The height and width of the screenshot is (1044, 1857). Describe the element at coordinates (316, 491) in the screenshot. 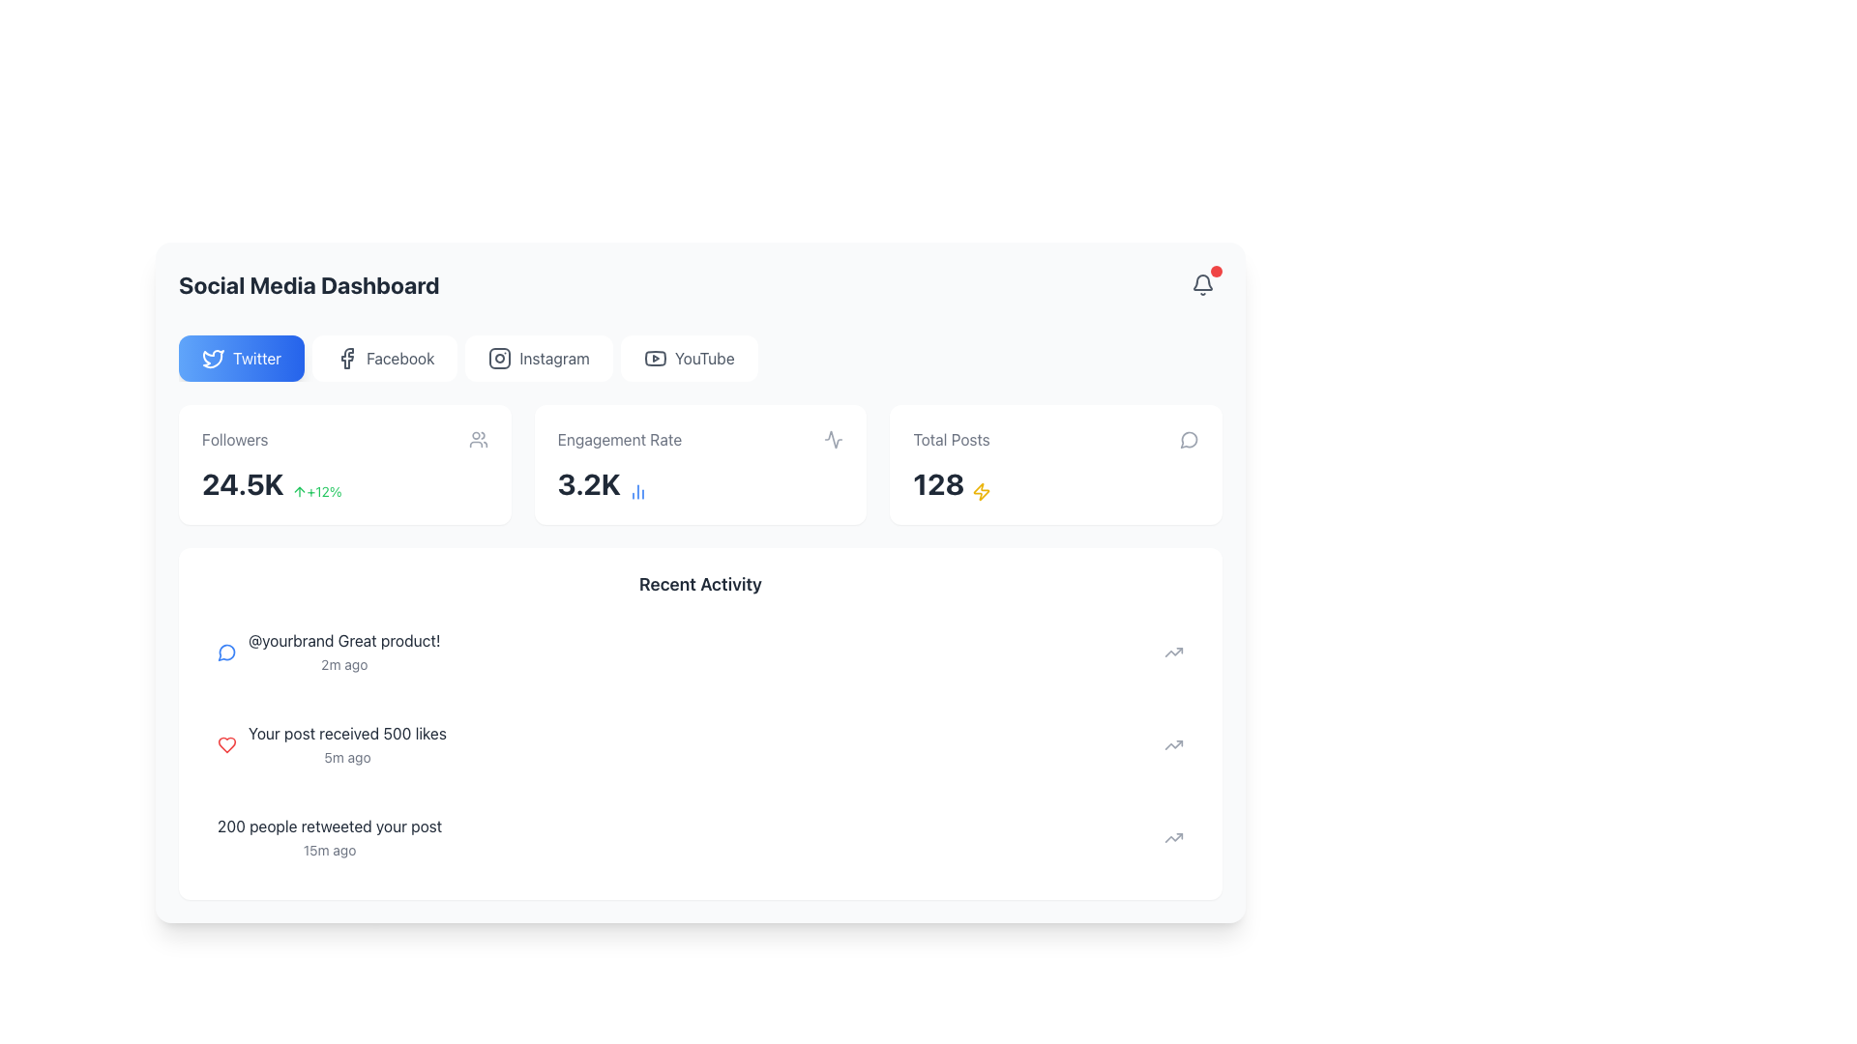

I see `the upward pointing arrow icon followed by the text '+12%' colored green, located in the Followers section next to '24.5K'` at that location.